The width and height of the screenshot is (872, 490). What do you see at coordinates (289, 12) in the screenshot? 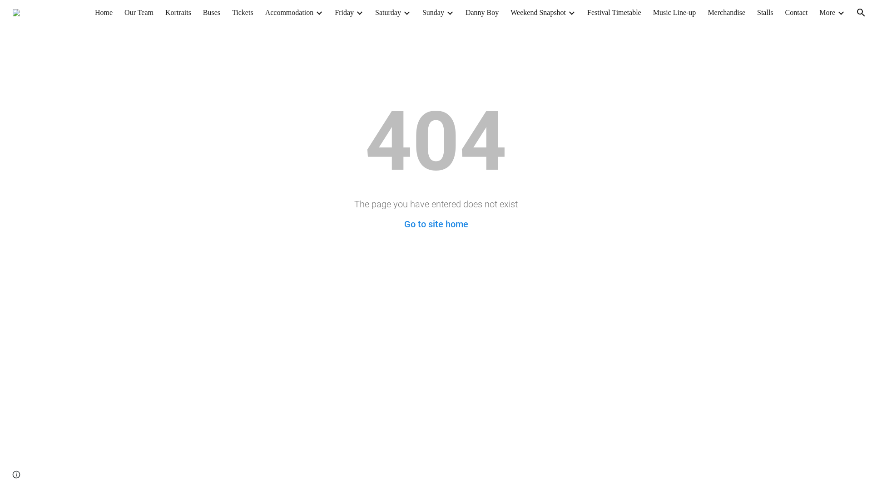
I see `'Accommodation'` at bounding box center [289, 12].